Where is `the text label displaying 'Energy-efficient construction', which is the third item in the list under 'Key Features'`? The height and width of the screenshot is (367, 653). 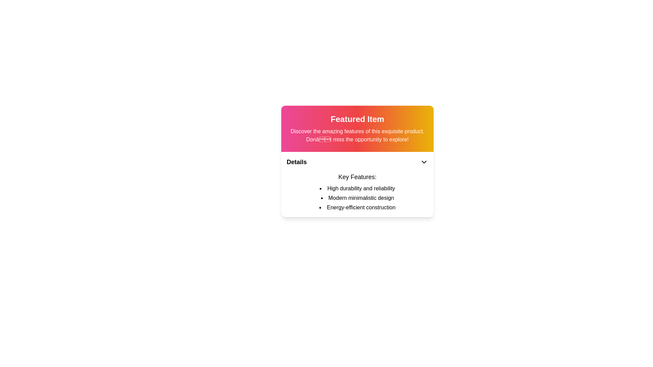 the text label displaying 'Energy-efficient construction', which is the third item in the list under 'Key Features' is located at coordinates (357, 207).